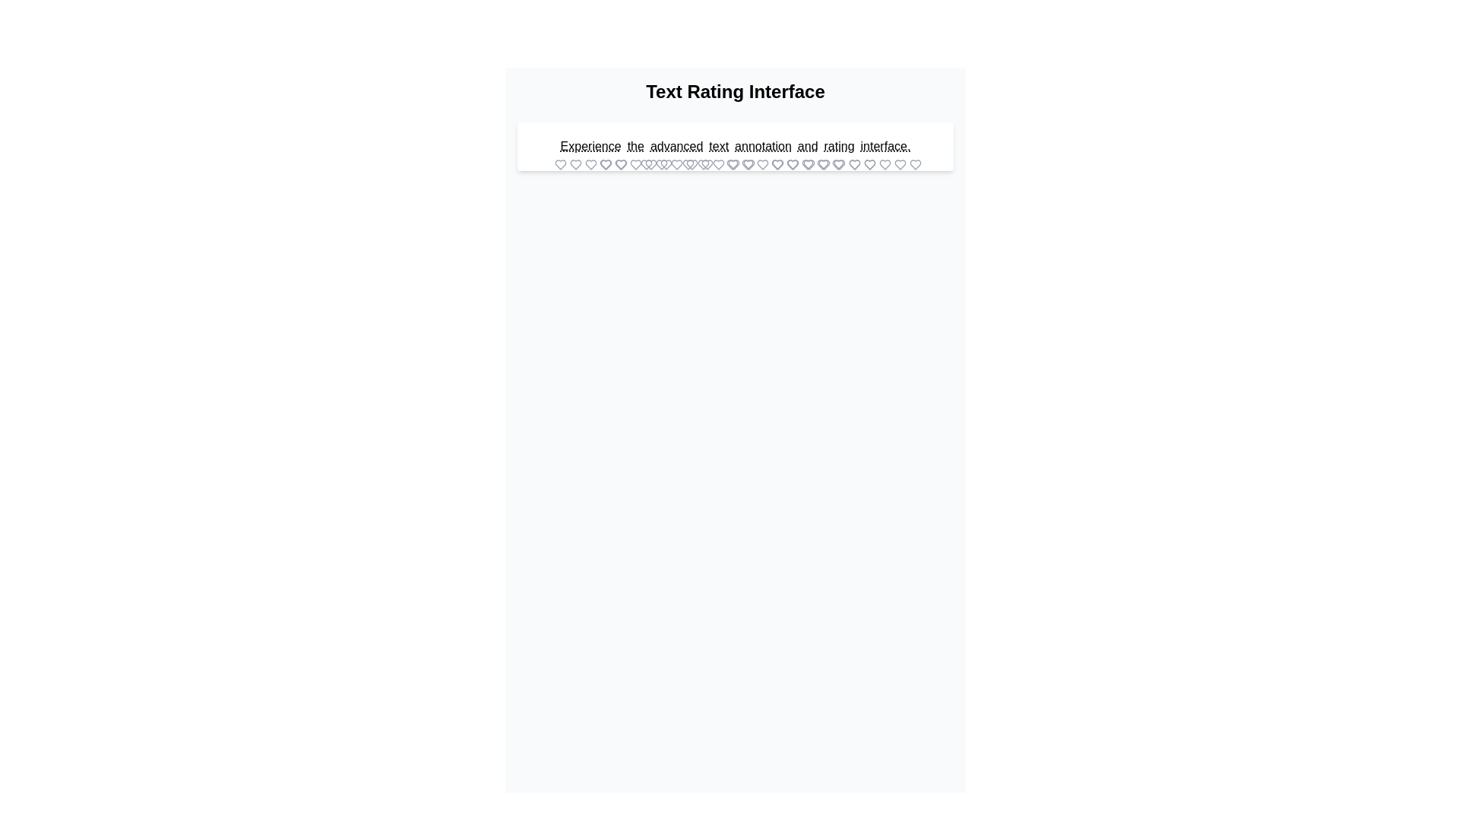 This screenshot has height=821, width=1459. What do you see at coordinates (676, 146) in the screenshot?
I see `the word advanced to select it for rating` at bounding box center [676, 146].